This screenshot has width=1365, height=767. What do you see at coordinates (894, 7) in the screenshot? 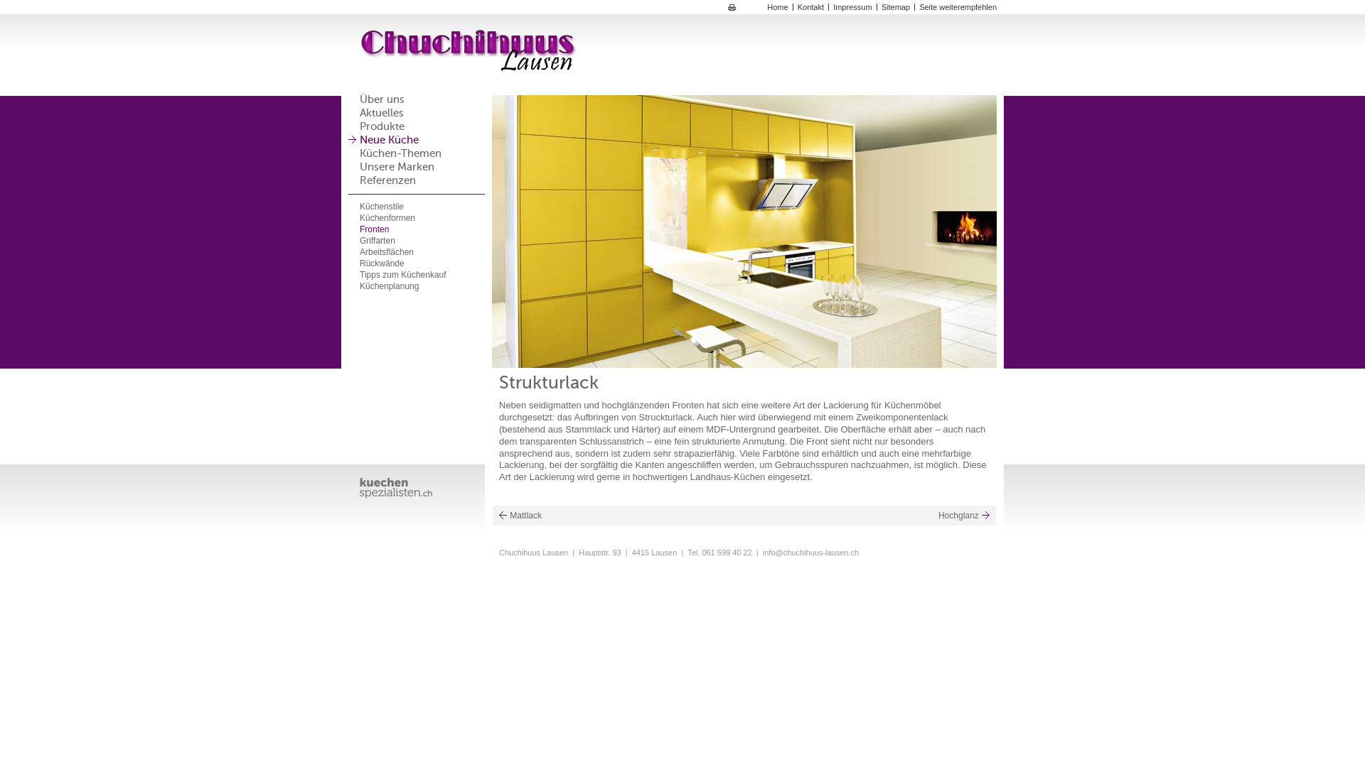
I see `'Sitemap'` at bounding box center [894, 7].